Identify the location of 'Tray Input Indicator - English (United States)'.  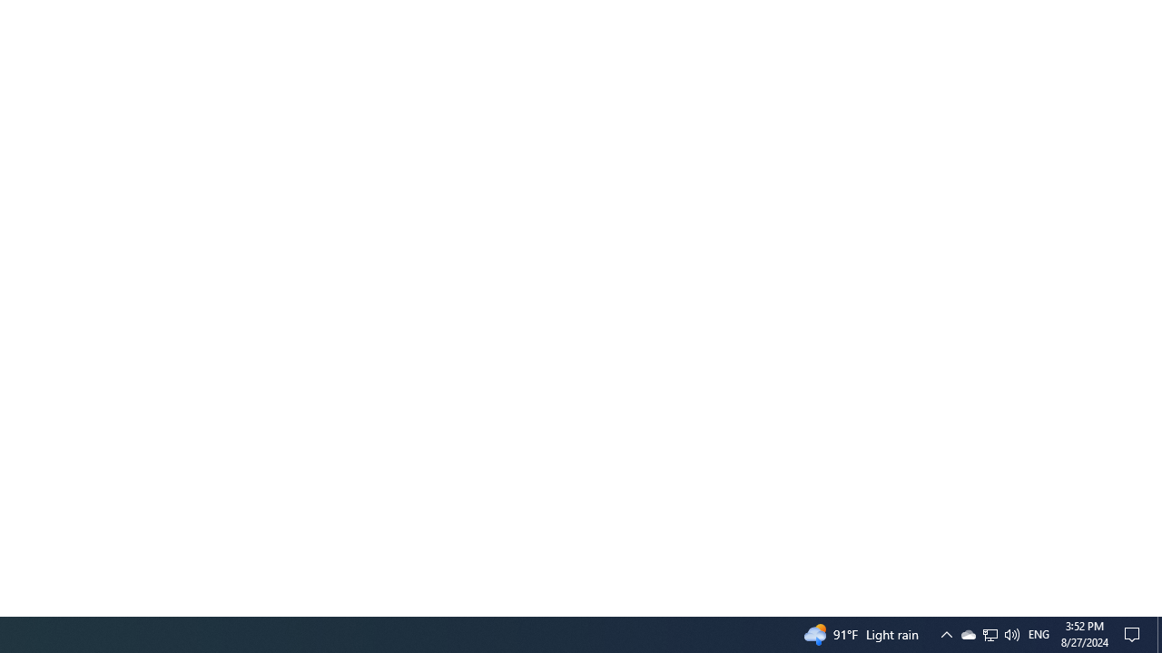
(1039, 633).